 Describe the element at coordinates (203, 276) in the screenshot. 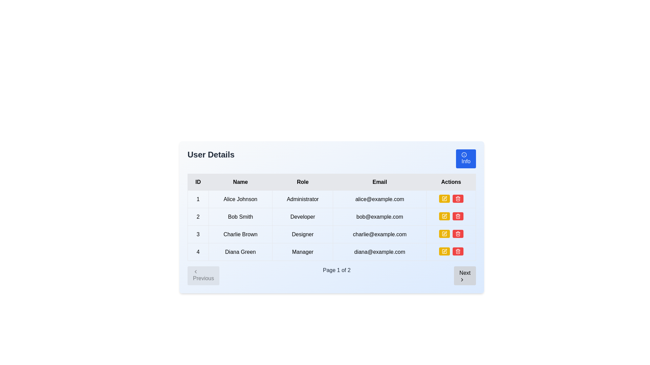

I see `the disabled navigation button for going to the previous set of data entries in the table, located below the user details table` at that location.